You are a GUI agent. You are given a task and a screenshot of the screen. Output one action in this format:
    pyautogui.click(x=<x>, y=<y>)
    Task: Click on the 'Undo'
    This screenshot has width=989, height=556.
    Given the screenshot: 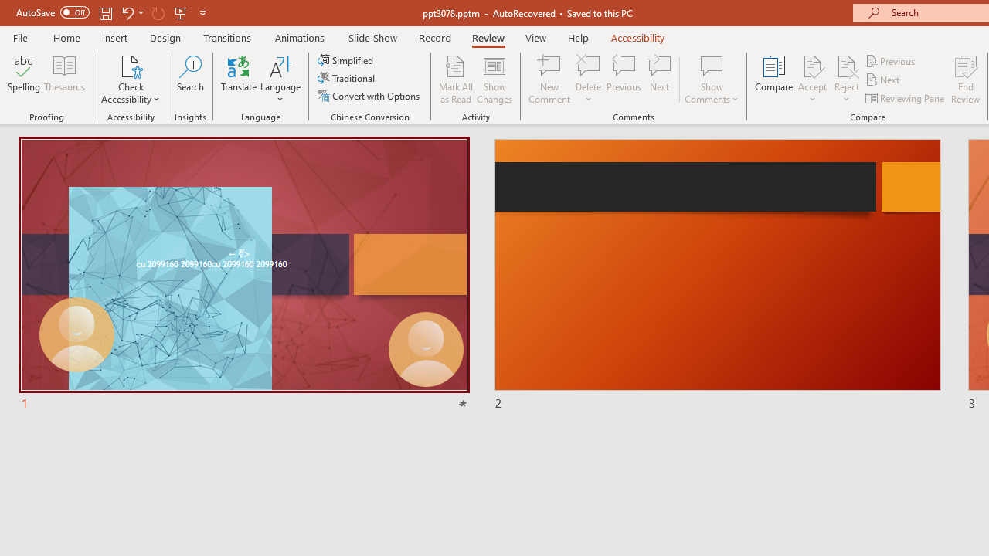 What is the action you would take?
    pyautogui.click(x=127, y=12)
    